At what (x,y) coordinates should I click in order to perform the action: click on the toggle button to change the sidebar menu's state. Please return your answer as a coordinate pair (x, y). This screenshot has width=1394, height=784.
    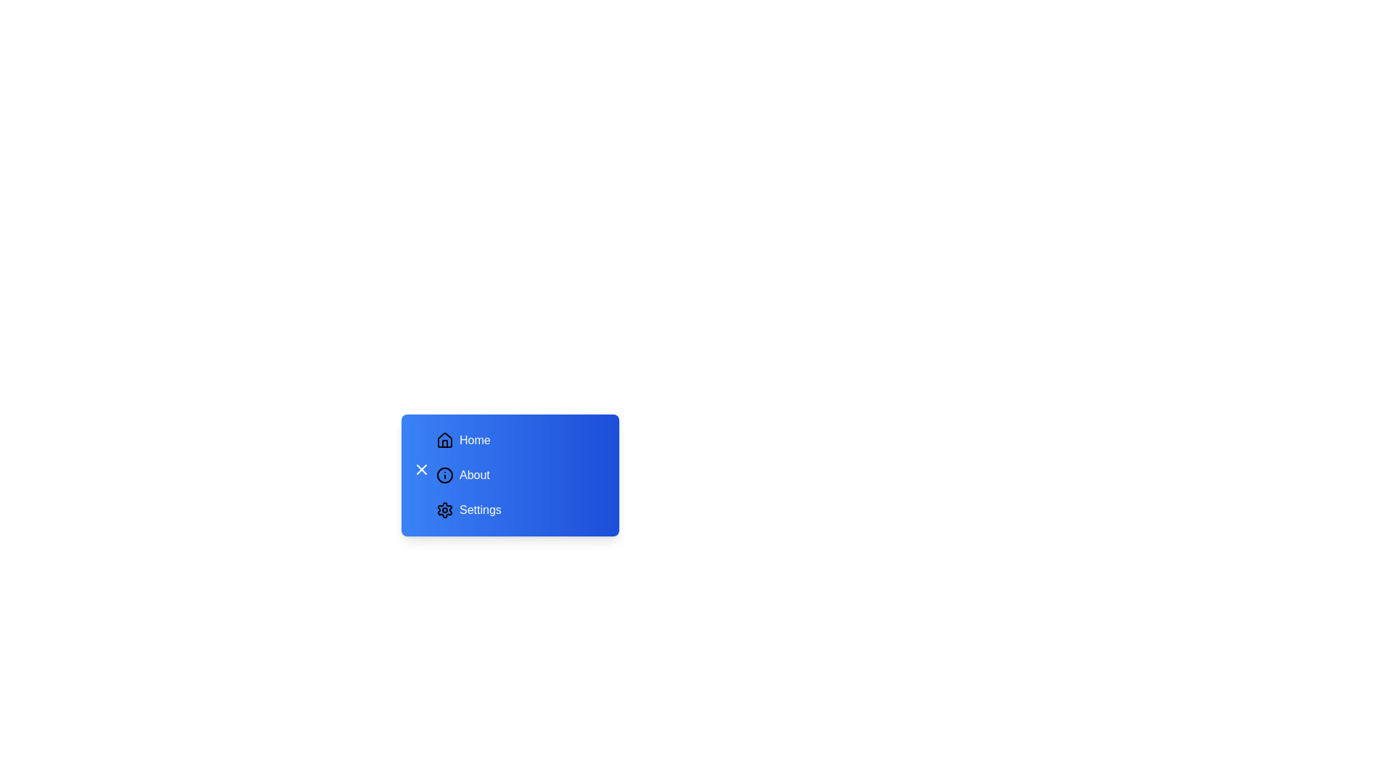
    Looking at the image, I should click on (420, 470).